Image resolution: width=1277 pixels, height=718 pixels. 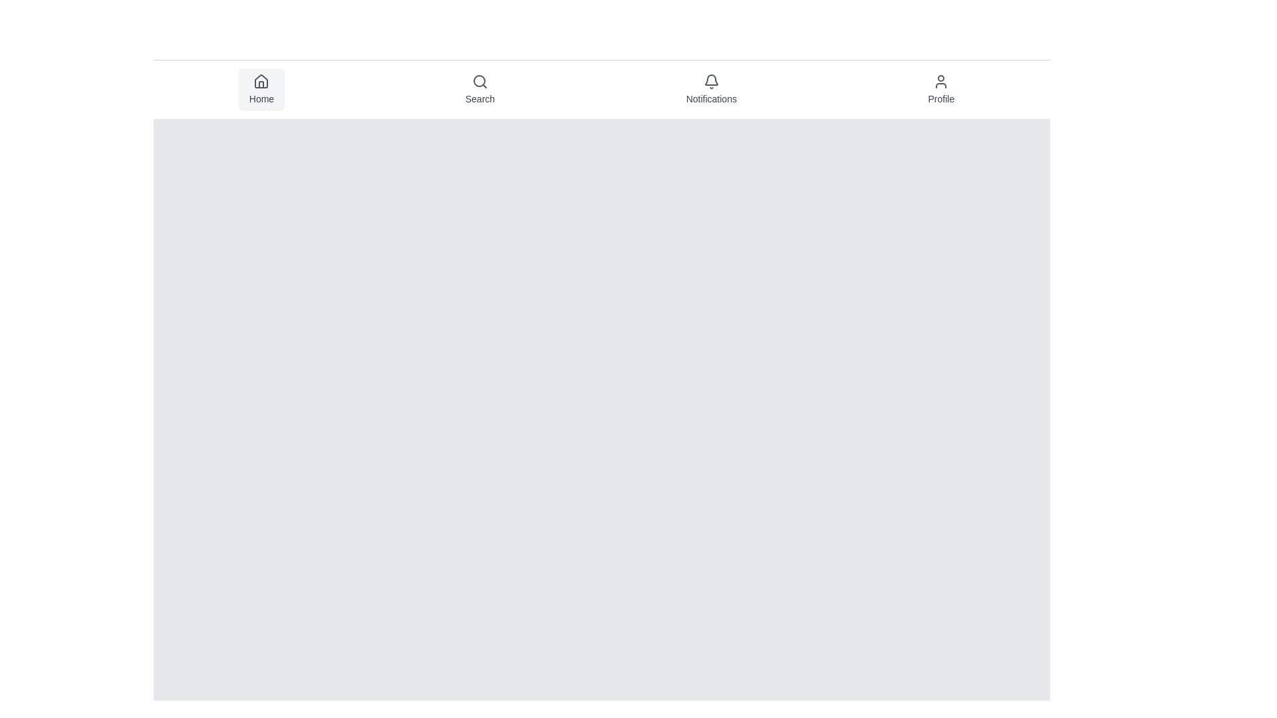 I want to click on 'Home' text label located in the navigation bar at the top of the interface, which is the first button among options like 'Search,' 'Notifications,' and 'Profile.', so click(x=261, y=98).